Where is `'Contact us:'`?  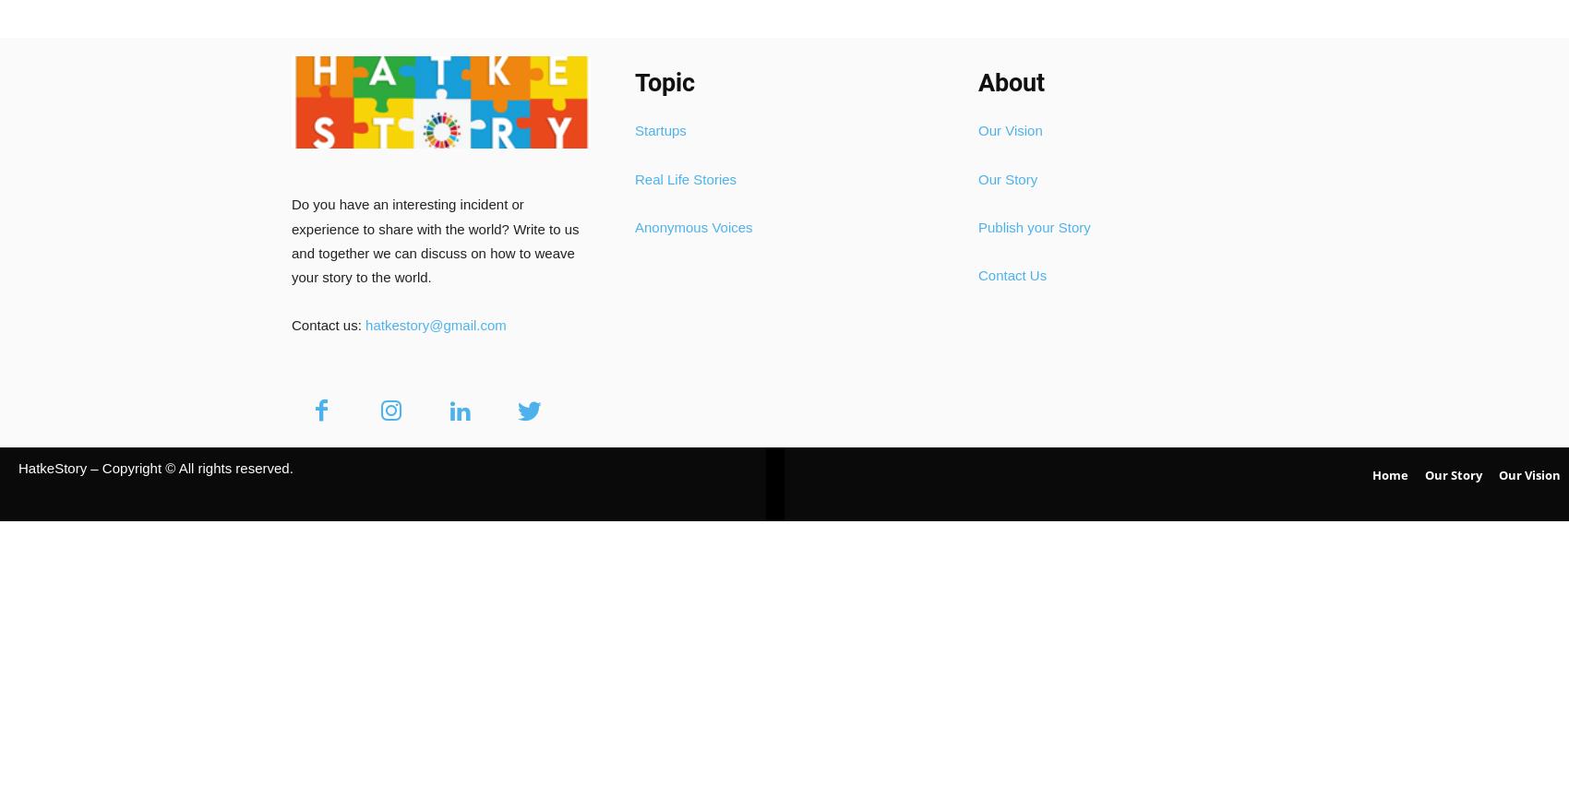 'Contact us:' is located at coordinates (327, 324).